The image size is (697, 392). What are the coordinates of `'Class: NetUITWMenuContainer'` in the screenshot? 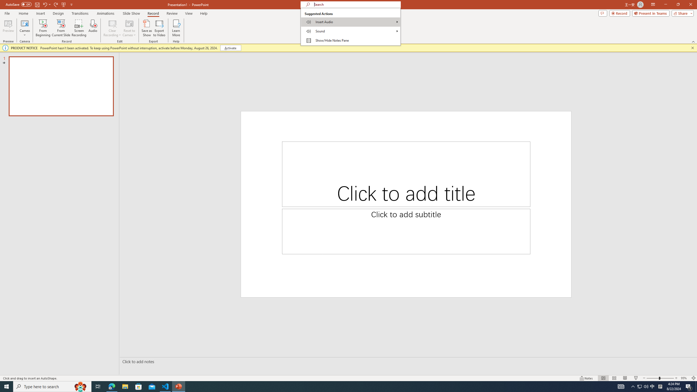 It's located at (350, 26).